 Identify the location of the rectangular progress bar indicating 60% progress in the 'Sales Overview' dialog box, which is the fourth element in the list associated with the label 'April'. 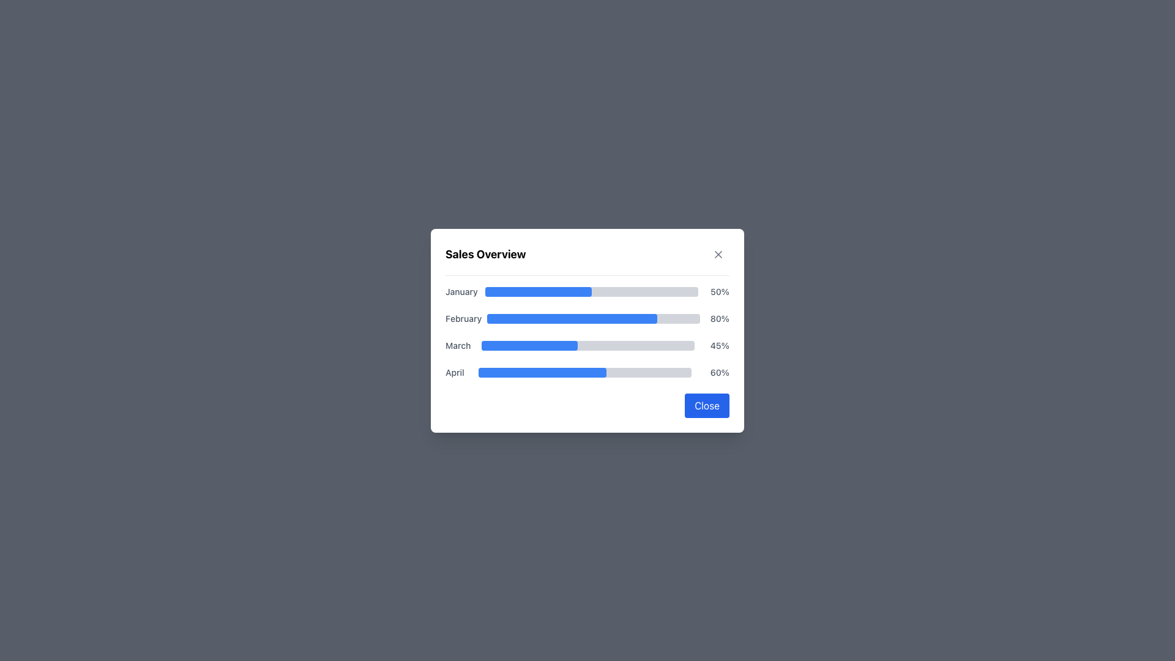
(584, 372).